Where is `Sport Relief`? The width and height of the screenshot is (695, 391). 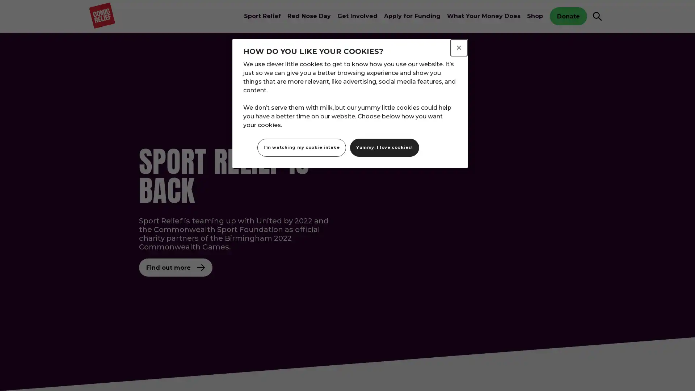 Sport Relief is located at coordinates (262, 16).